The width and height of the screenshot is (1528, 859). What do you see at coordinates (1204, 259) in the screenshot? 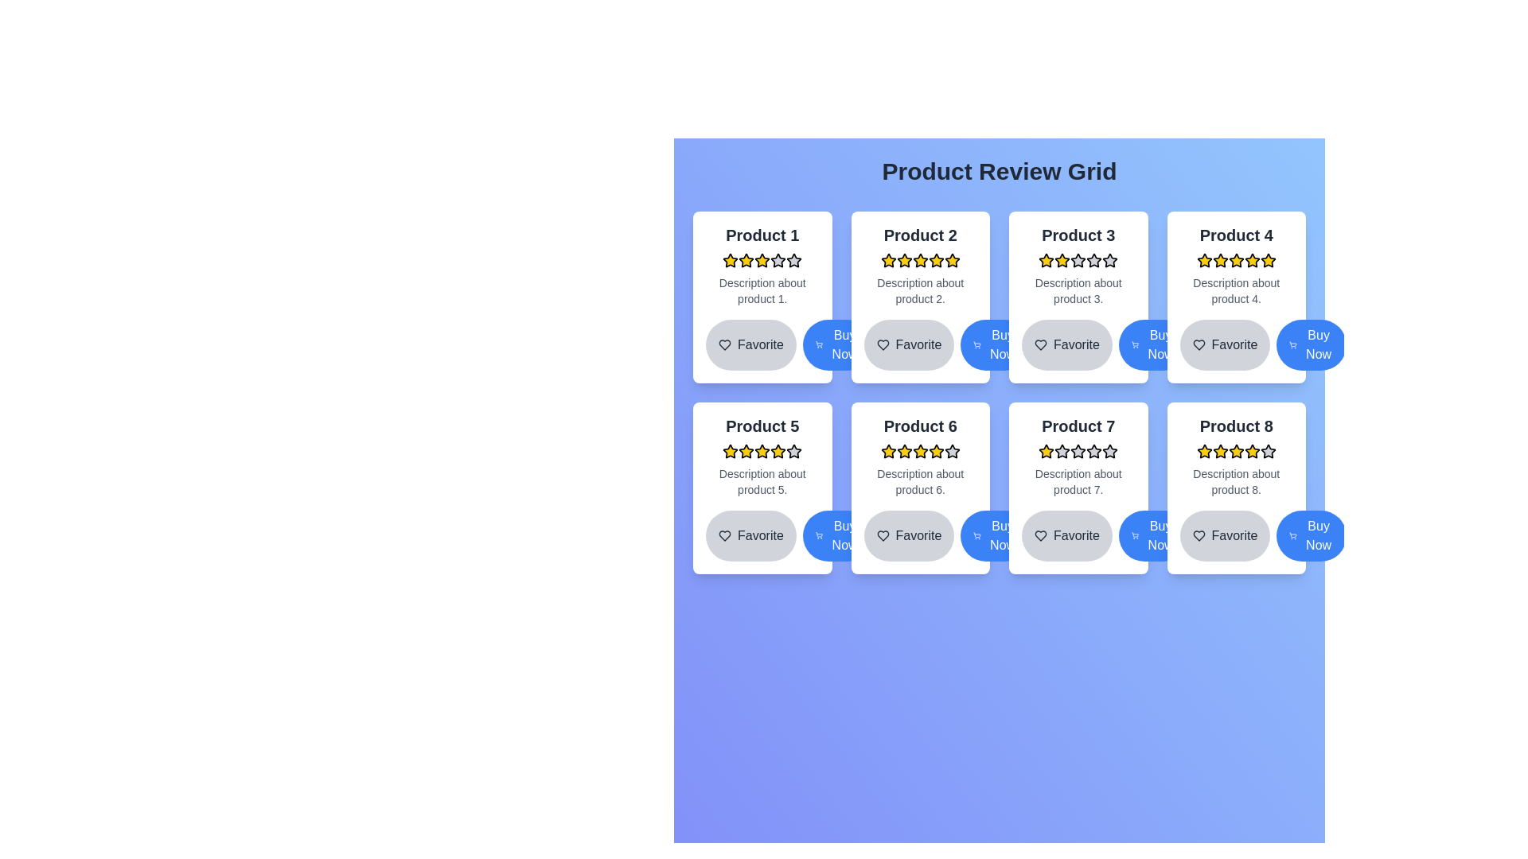
I see `the fourth star icon in the star-rating system for 'Product 4', which visually represents the fourth rating point` at bounding box center [1204, 259].